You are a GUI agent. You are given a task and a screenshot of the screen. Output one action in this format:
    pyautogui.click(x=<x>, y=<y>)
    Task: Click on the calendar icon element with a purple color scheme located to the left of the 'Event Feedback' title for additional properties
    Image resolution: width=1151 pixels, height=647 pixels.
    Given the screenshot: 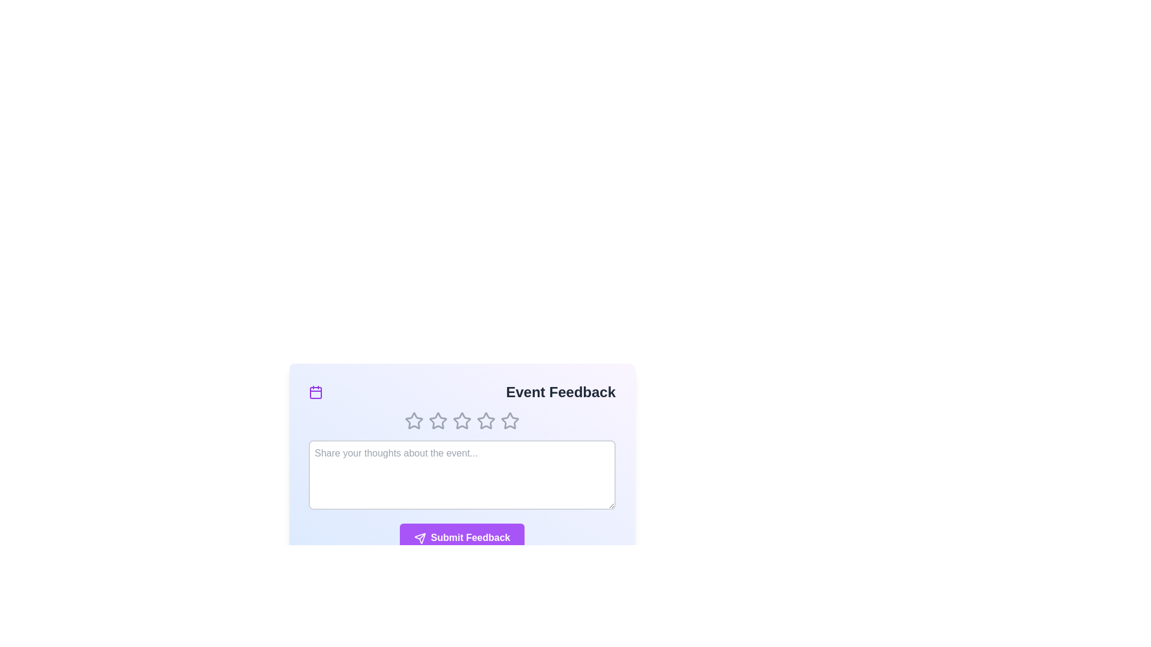 What is the action you would take?
    pyautogui.click(x=316, y=392)
    